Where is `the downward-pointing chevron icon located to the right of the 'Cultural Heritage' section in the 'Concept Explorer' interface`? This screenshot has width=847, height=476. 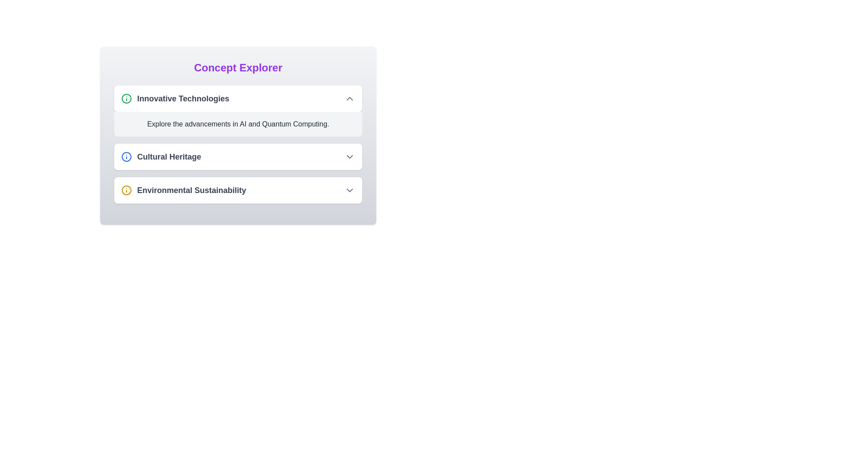 the downward-pointing chevron icon located to the right of the 'Cultural Heritage' section in the 'Concept Explorer' interface is located at coordinates (349, 156).